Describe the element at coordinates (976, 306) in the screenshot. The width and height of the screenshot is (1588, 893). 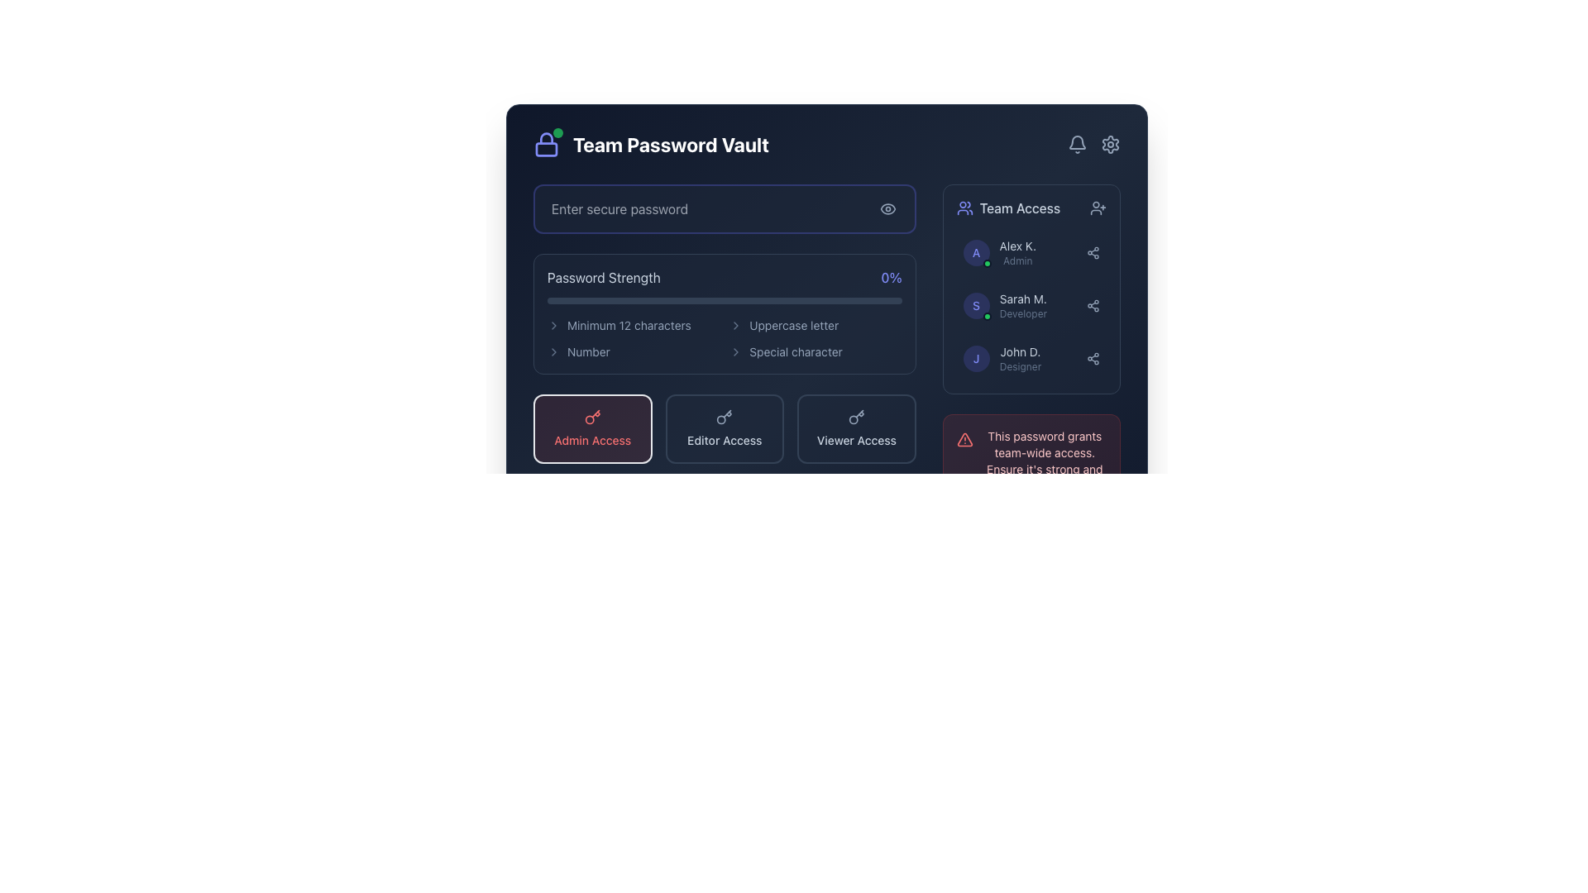
I see `Profile Badge with a purple letter 'S' on a dark background, located in the 'Team Access' section next to 'Sarah M.'` at that location.